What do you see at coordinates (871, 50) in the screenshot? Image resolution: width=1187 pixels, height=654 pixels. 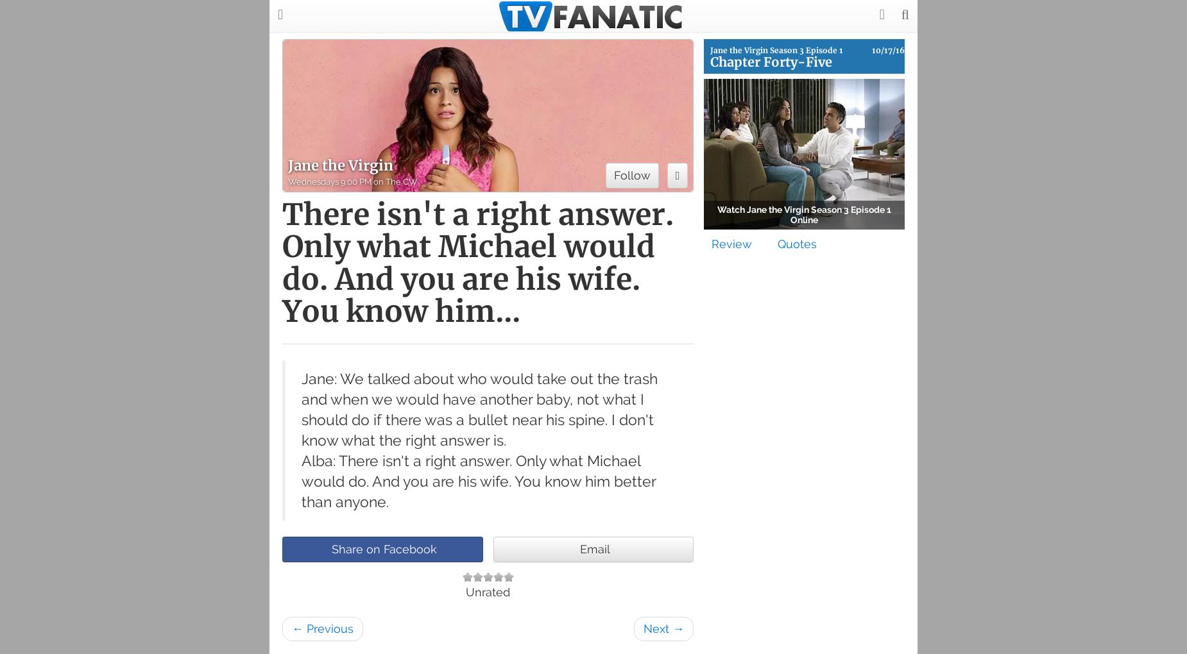 I see `'10/17/16'` at bounding box center [871, 50].